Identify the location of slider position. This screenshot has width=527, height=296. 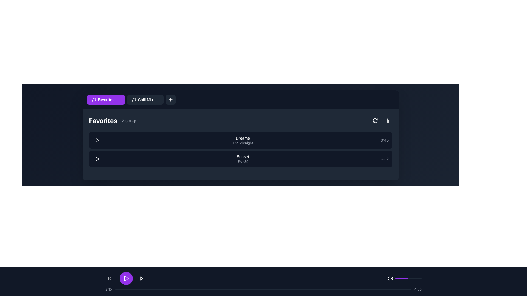
(420, 278).